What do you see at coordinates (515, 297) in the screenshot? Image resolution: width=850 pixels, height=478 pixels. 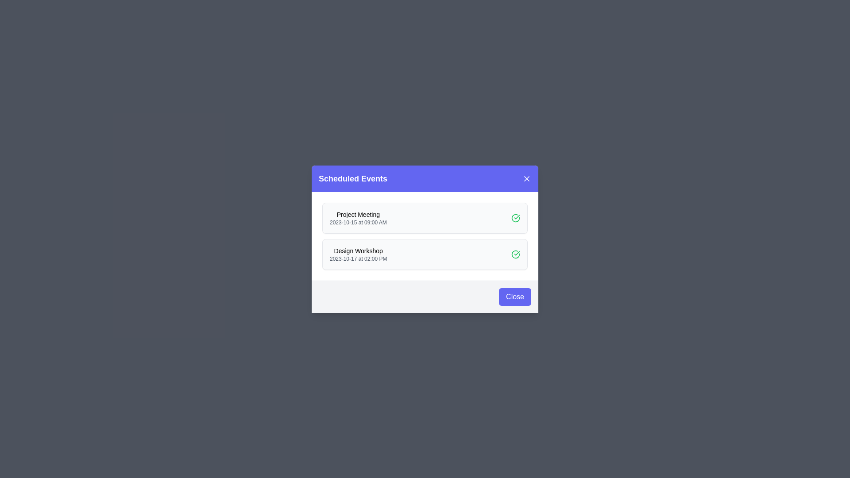 I see `the close button located at the bottom-right corner of the 'Scheduled Events' modal` at bounding box center [515, 297].